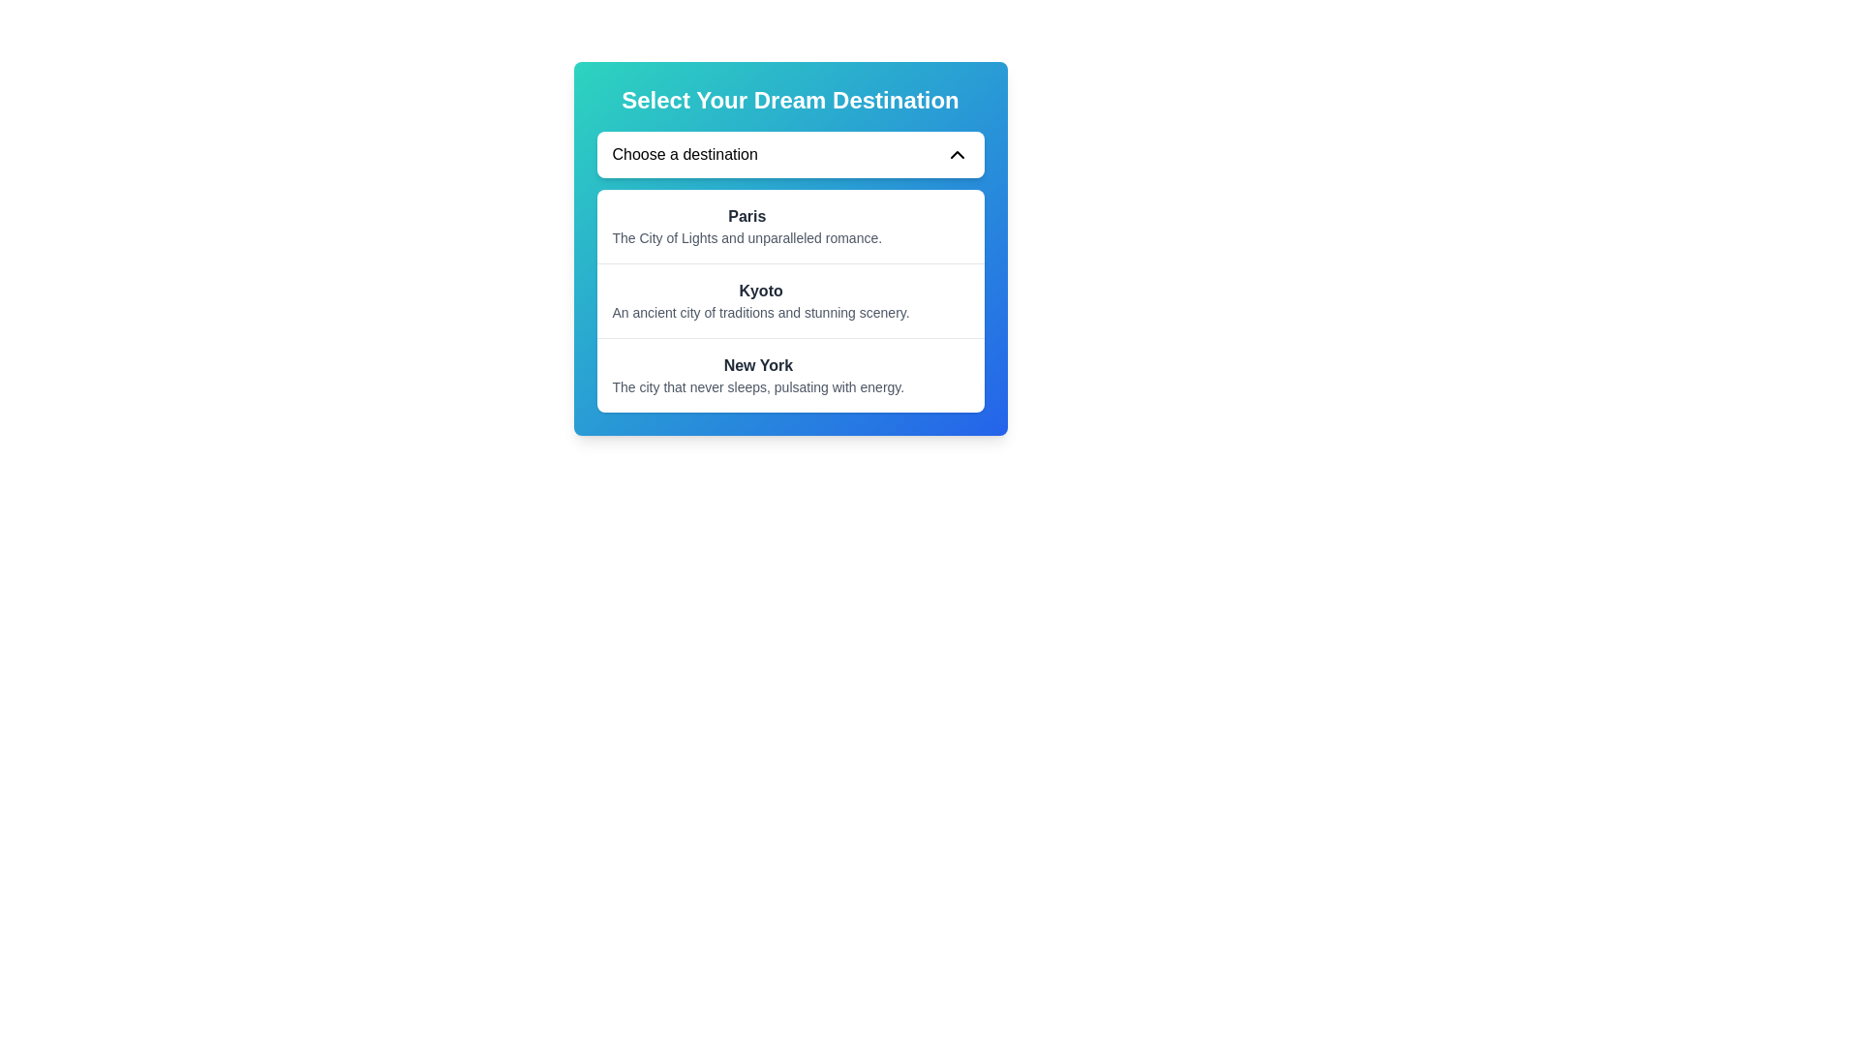  I want to click on the dropdown menu located below the title 'Select Your Dream Destination' for accessibility tools, so click(790, 153).